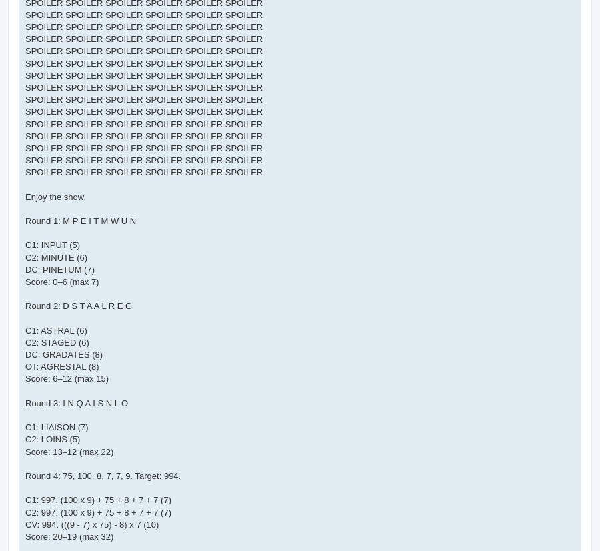 The width and height of the screenshot is (600, 551). Describe the element at coordinates (24, 245) in the screenshot. I see `'C1: INPUT (5)'` at that location.